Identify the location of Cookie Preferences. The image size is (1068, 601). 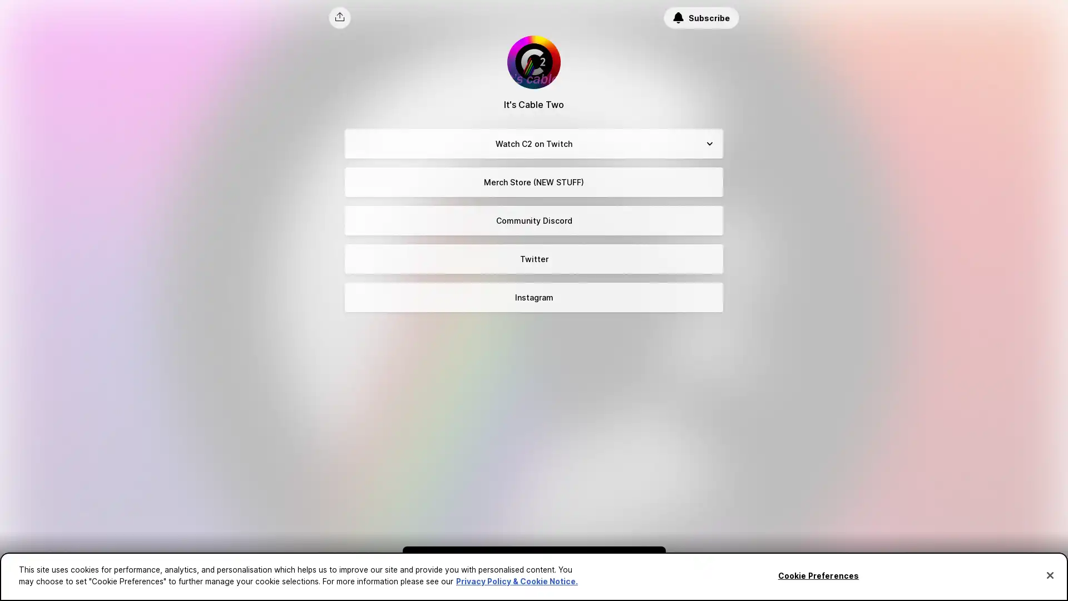
(818, 575).